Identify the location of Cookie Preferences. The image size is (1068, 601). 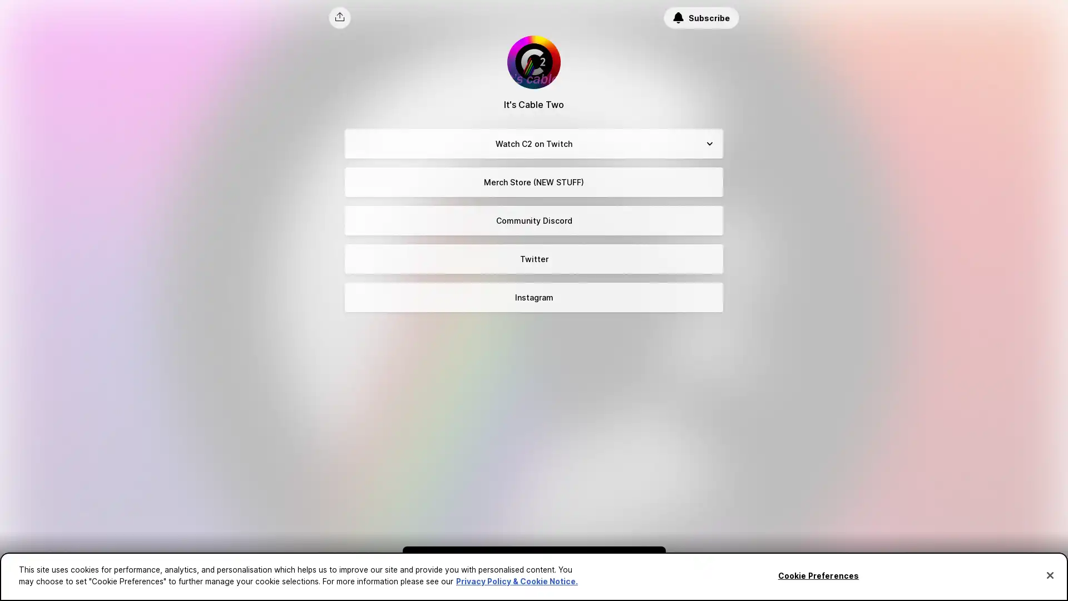
(818, 575).